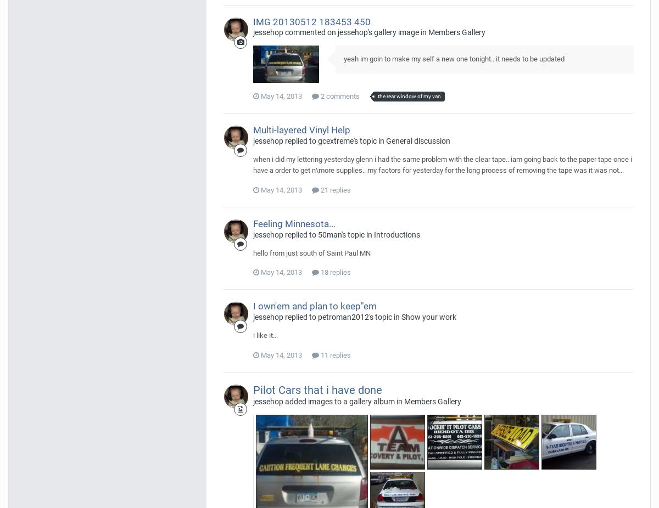  What do you see at coordinates (334, 190) in the screenshot?
I see `'21 replies'` at bounding box center [334, 190].